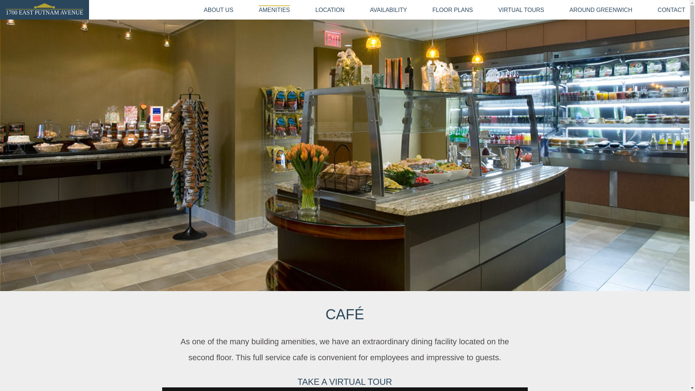 The height and width of the screenshot is (391, 695). What do you see at coordinates (601, 10) in the screenshot?
I see `'AROUND GREENWICH'` at bounding box center [601, 10].